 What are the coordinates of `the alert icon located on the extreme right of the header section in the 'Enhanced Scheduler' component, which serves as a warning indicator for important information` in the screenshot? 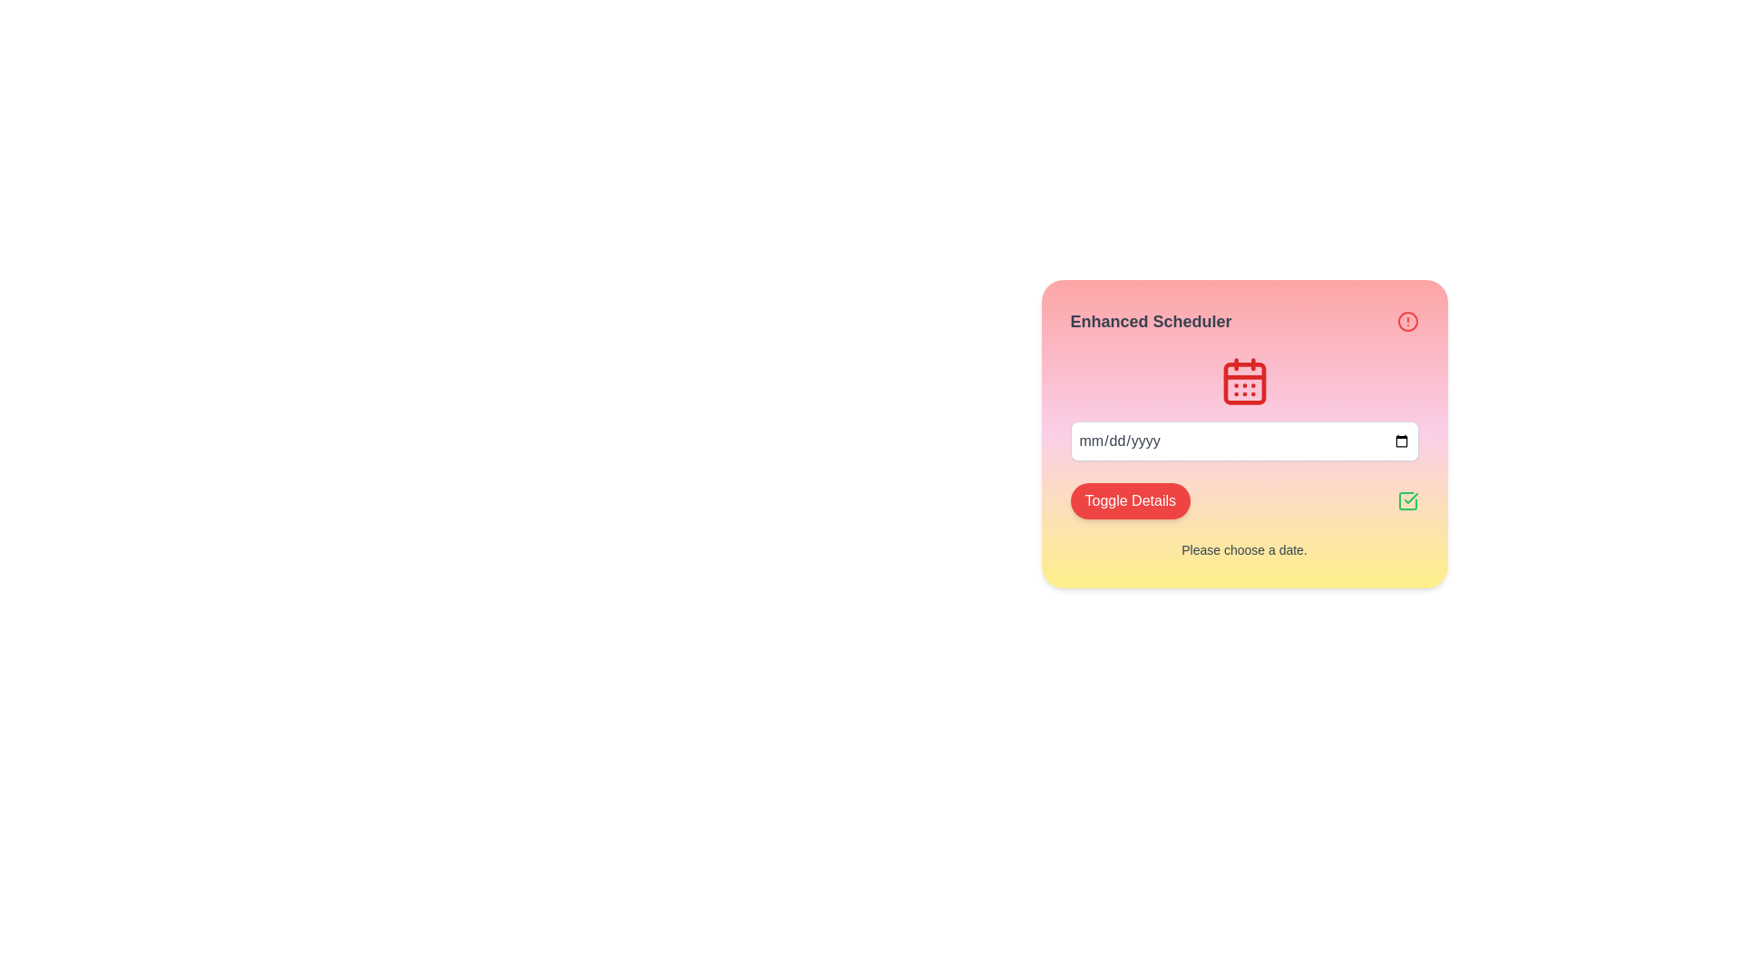 It's located at (1406, 320).